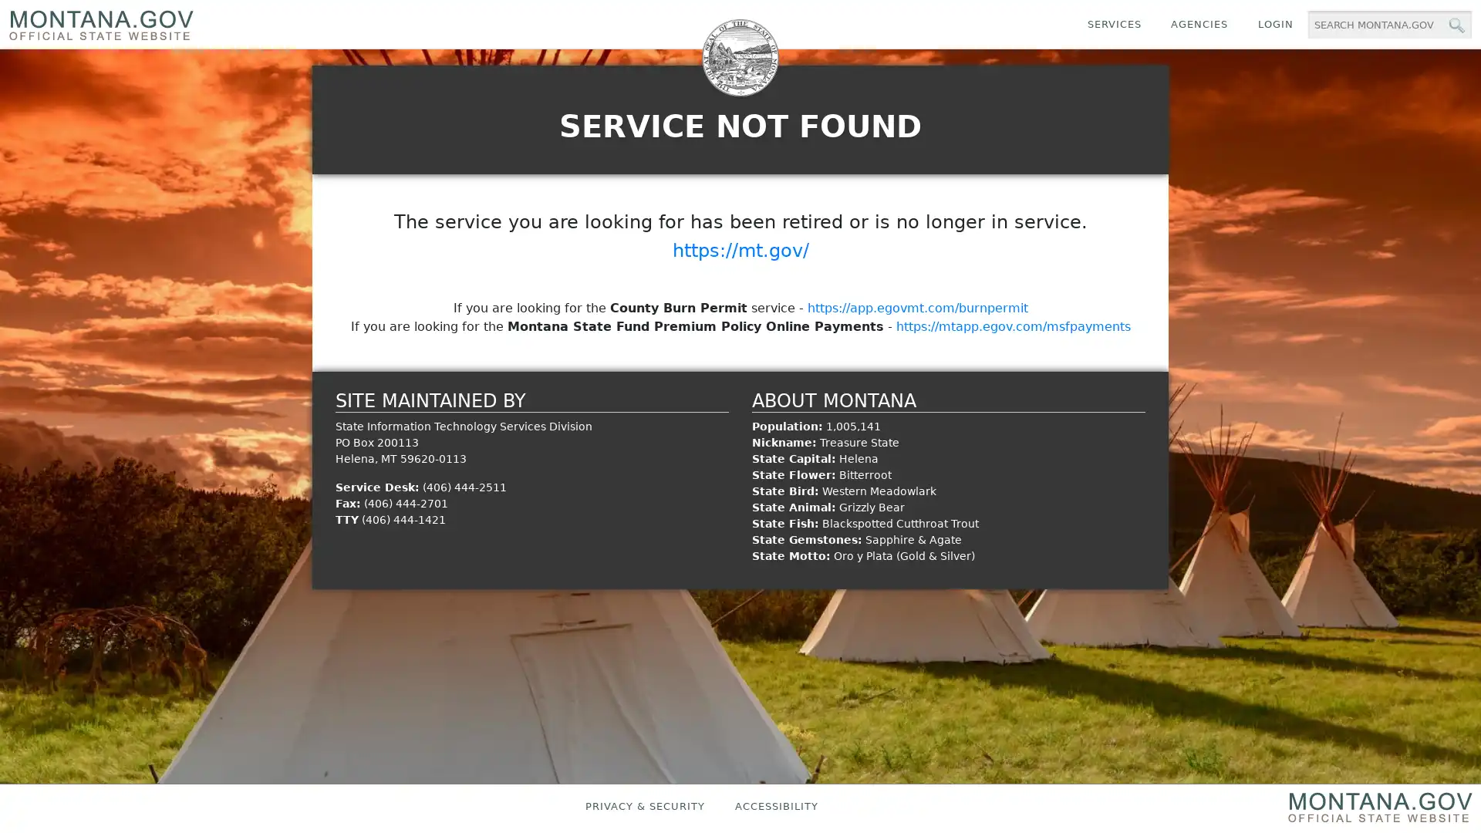 The width and height of the screenshot is (1481, 833). I want to click on MT.gov Search Button, so click(1455, 25).